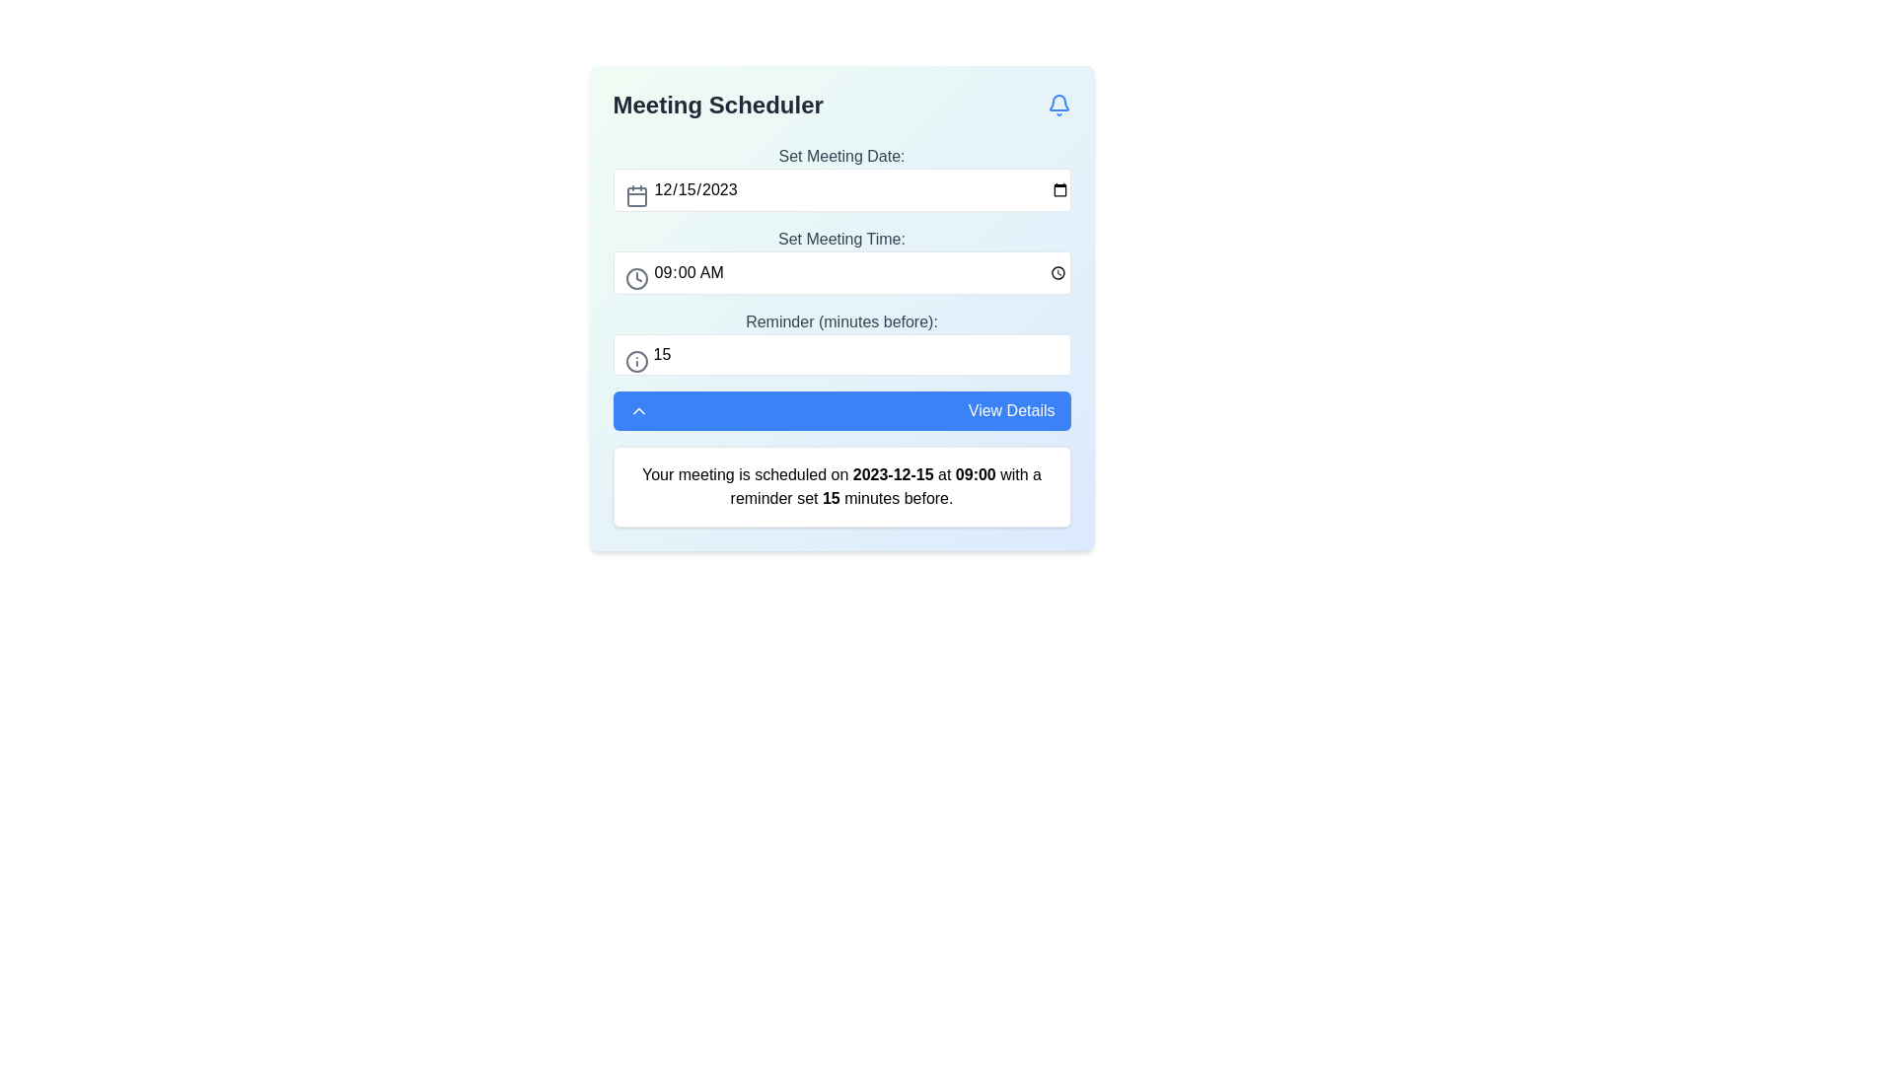 Image resolution: width=1894 pixels, height=1065 pixels. Describe the element at coordinates (638, 409) in the screenshot. I see `the upwards-pointing chevron icon located to the left of the 'View Details' button` at that location.